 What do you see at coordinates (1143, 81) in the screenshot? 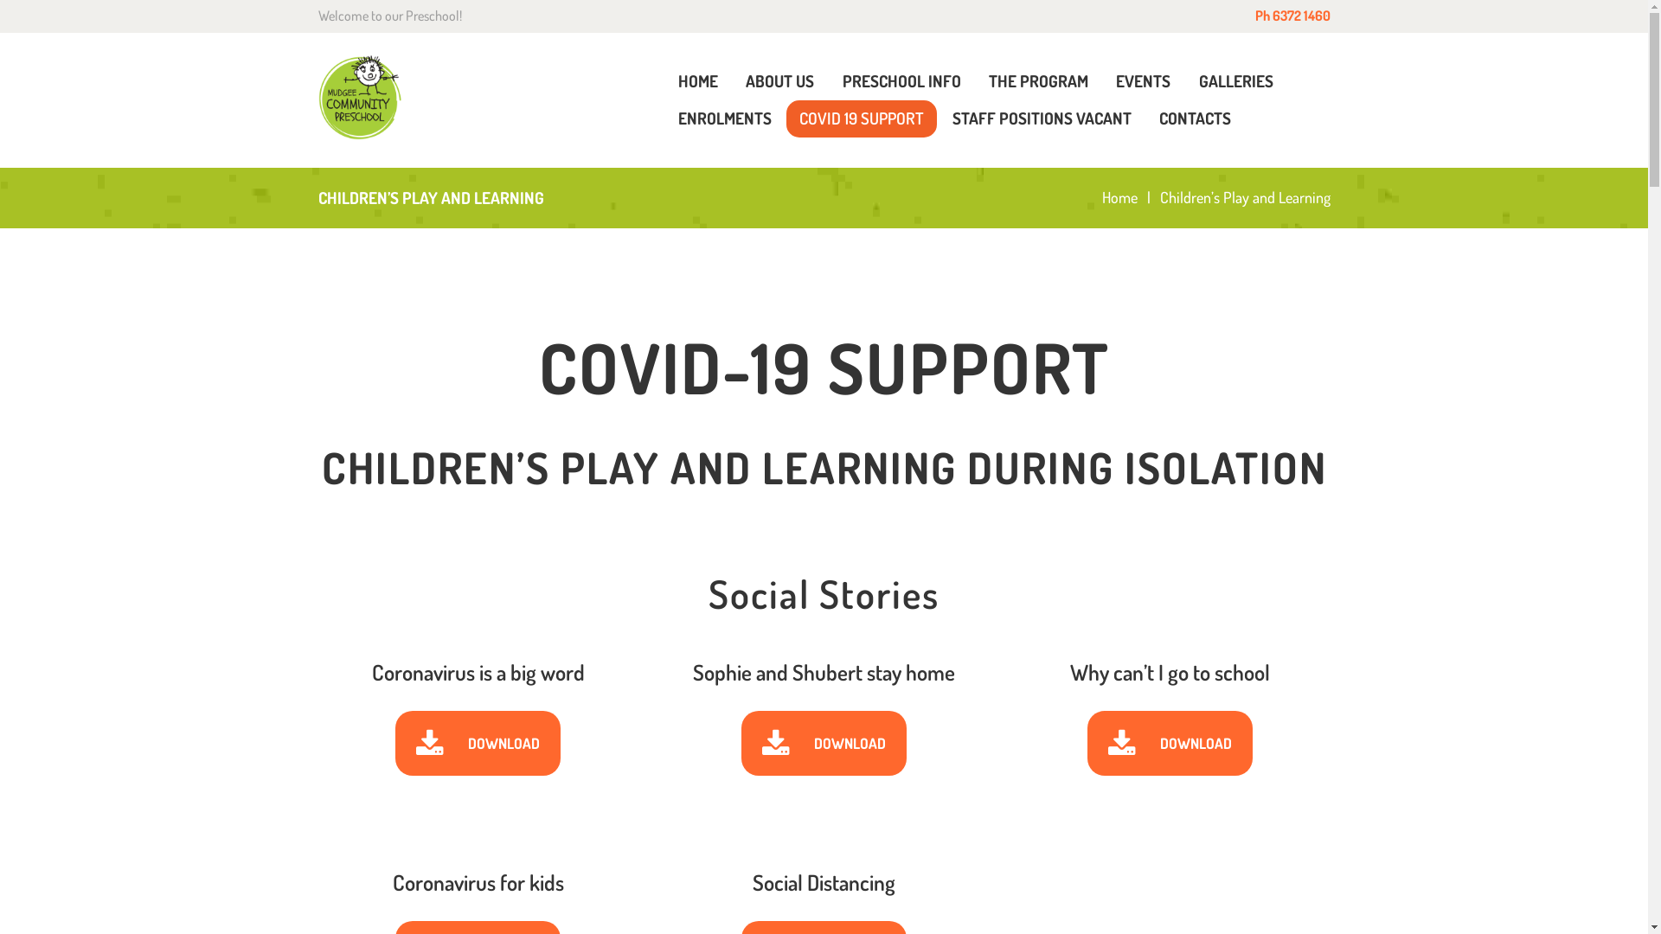
I see `'EVENTS'` at bounding box center [1143, 81].